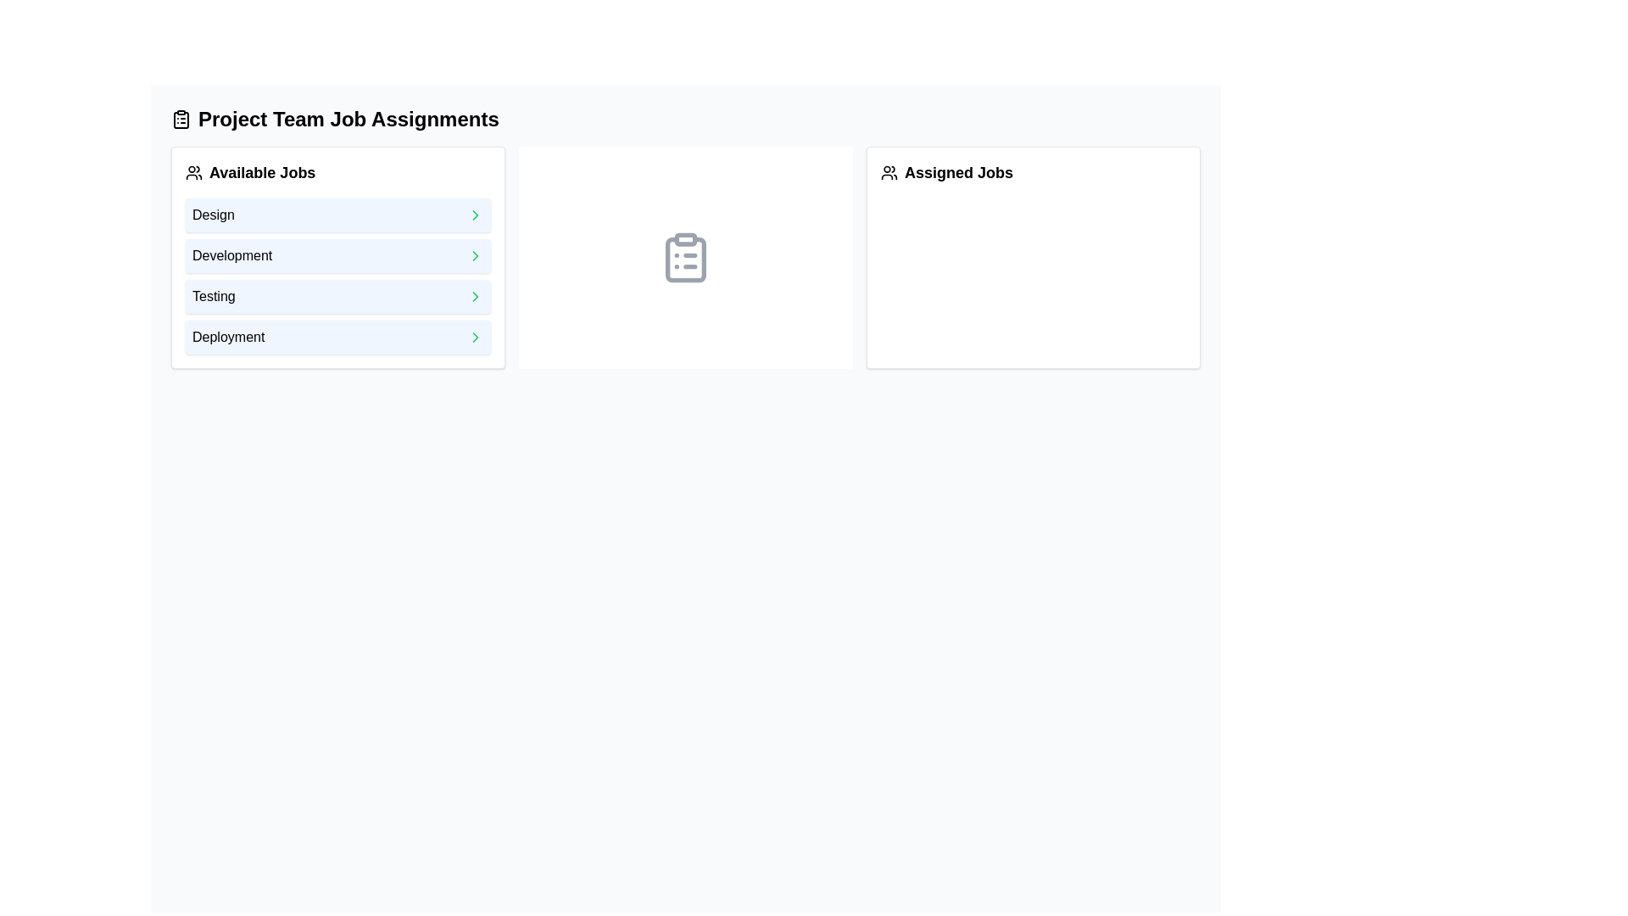  I want to click on the clipboard-related icon located in the middle card of the interface, which represents tasks or assignments, so click(686, 258).